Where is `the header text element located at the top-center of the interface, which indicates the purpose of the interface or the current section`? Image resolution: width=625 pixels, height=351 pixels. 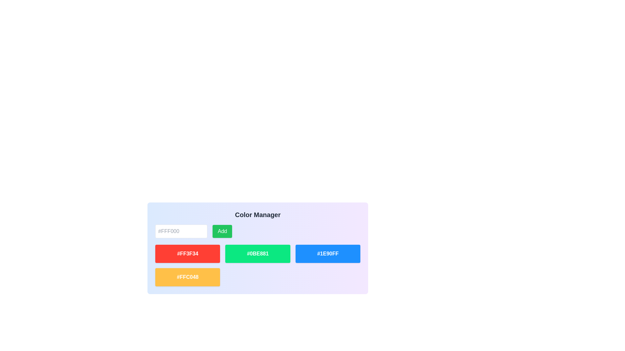
the header text element located at the top-center of the interface, which indicates the purpose of the interface or the current section is located at coordinates (257, 214).